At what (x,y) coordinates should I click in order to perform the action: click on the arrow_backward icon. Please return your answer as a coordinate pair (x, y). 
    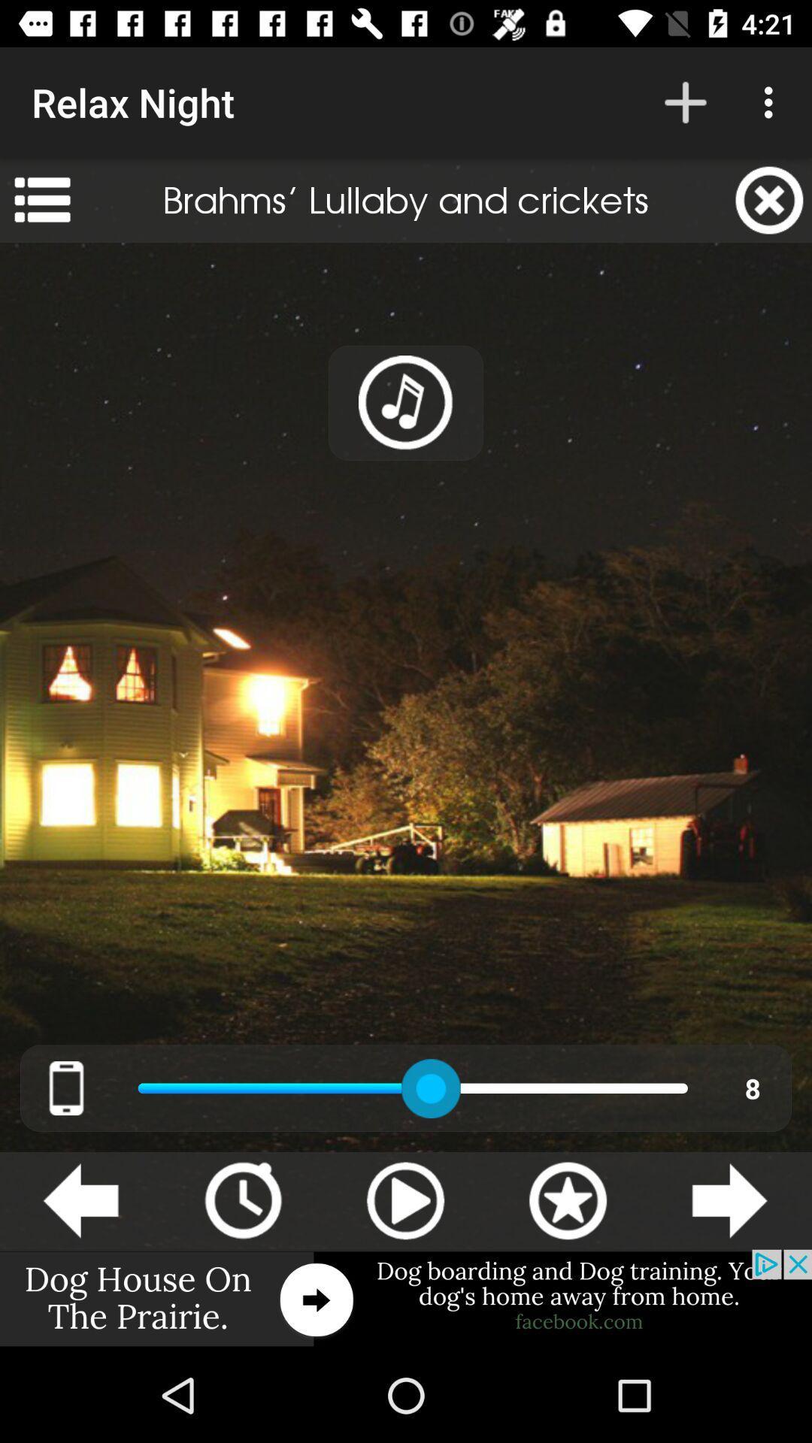
    Looking at the image, I should click on (80, 1199).